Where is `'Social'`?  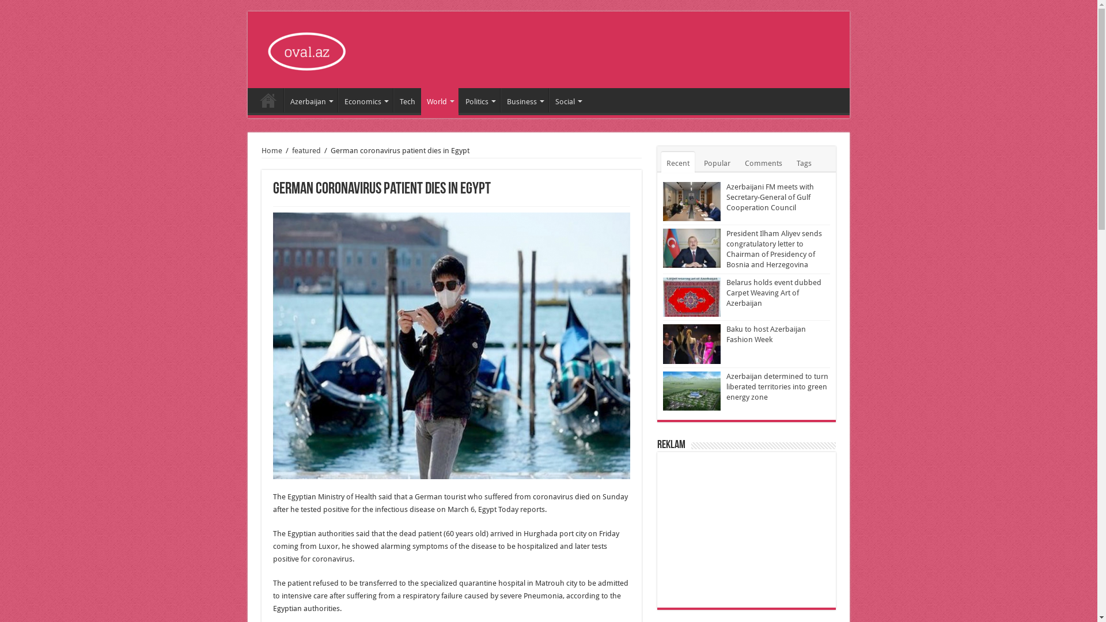
'Social' is located at coordinates (567, 99).